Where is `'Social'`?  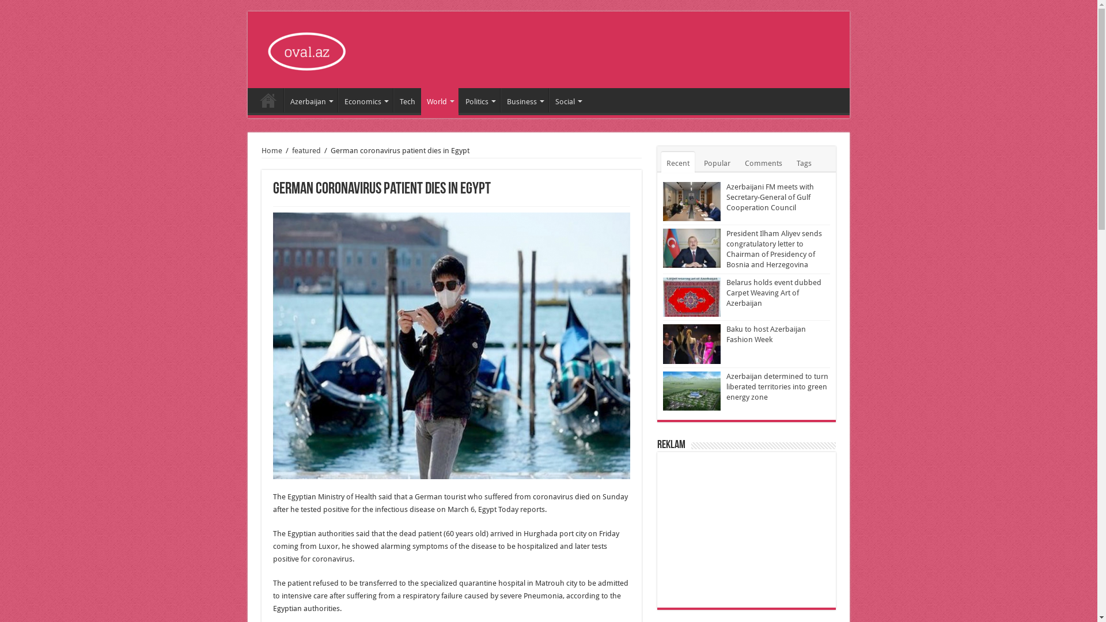
'Social' is located at coordinates (567, 99).